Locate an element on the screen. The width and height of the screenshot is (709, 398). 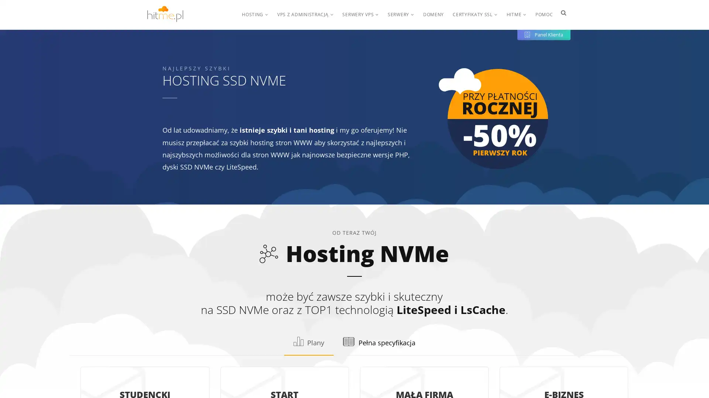
Konfiguruj is located at coordinates (136, 87).